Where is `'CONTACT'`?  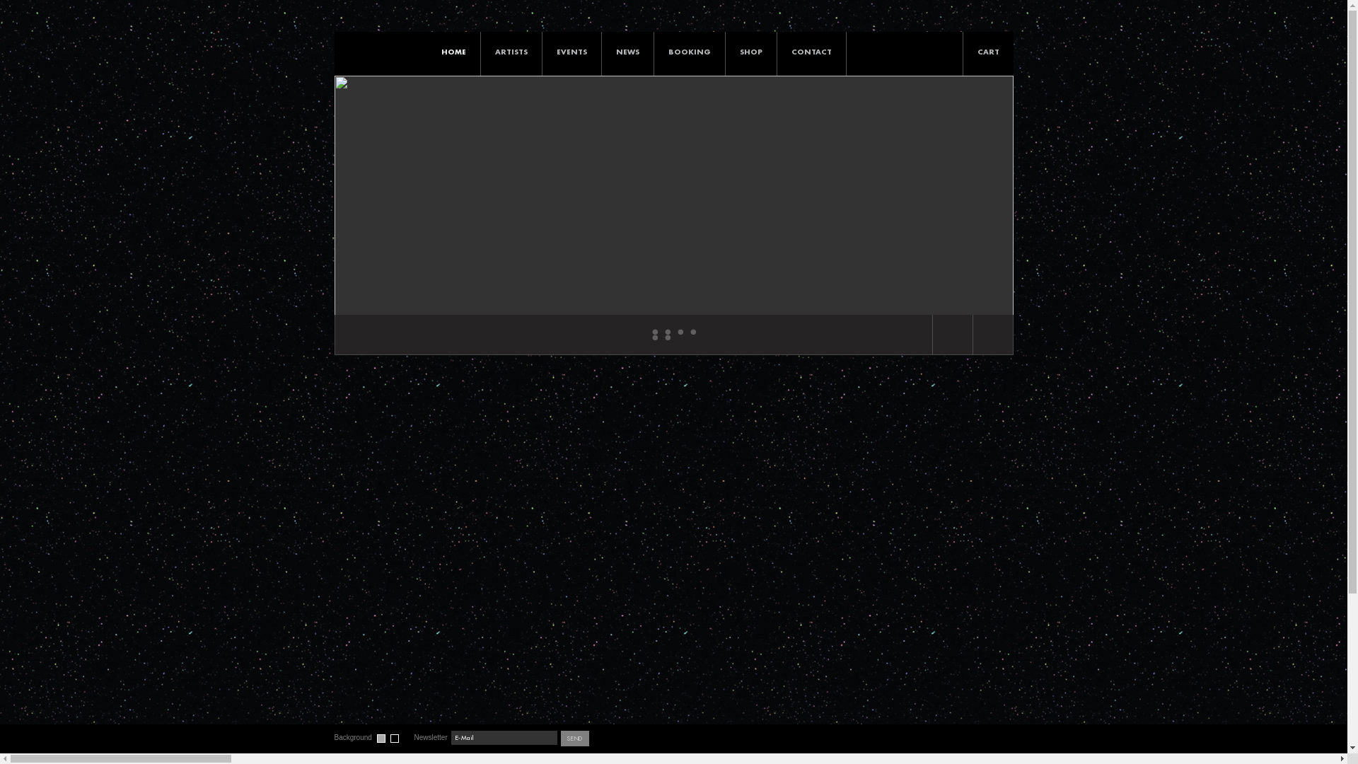
'CONTACT' is located at coordinates (776, 51).